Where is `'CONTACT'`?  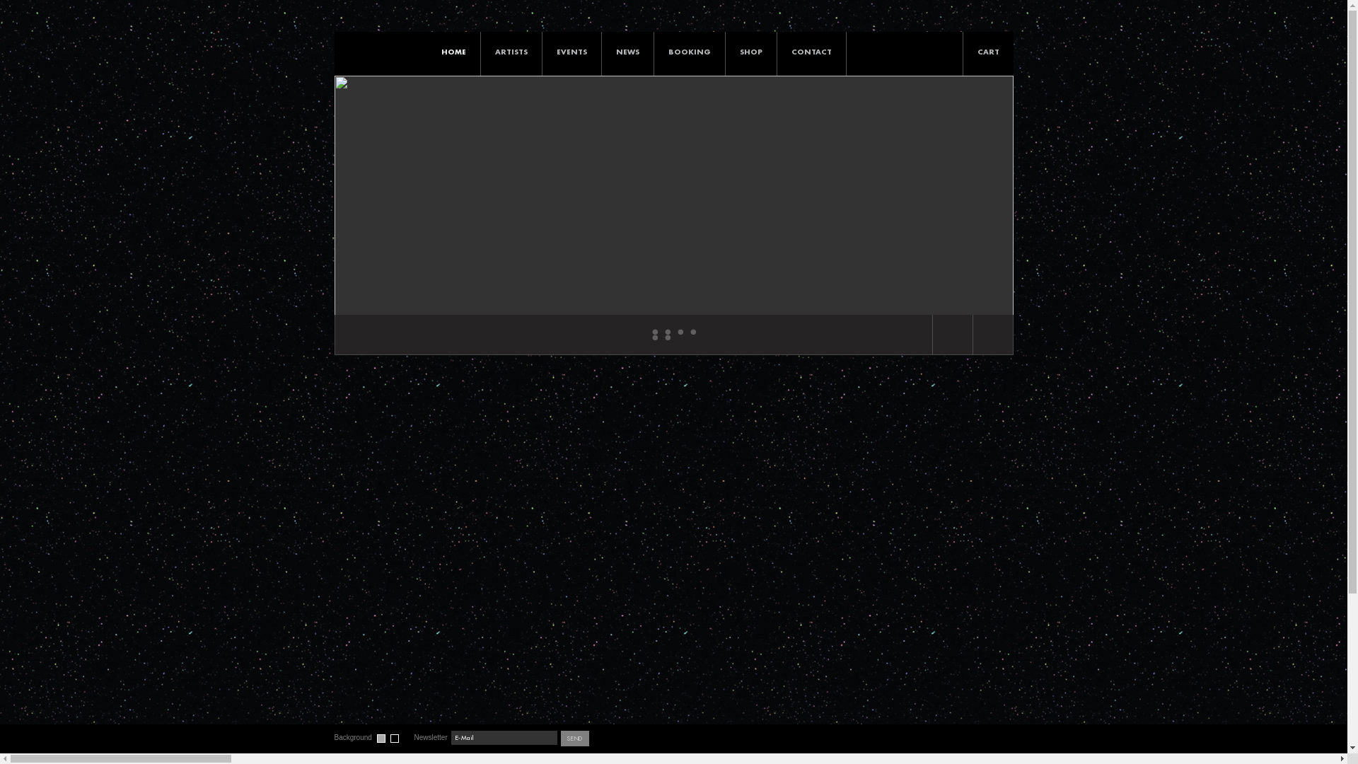
'CONTACT' is located at coordinates (776, 51).